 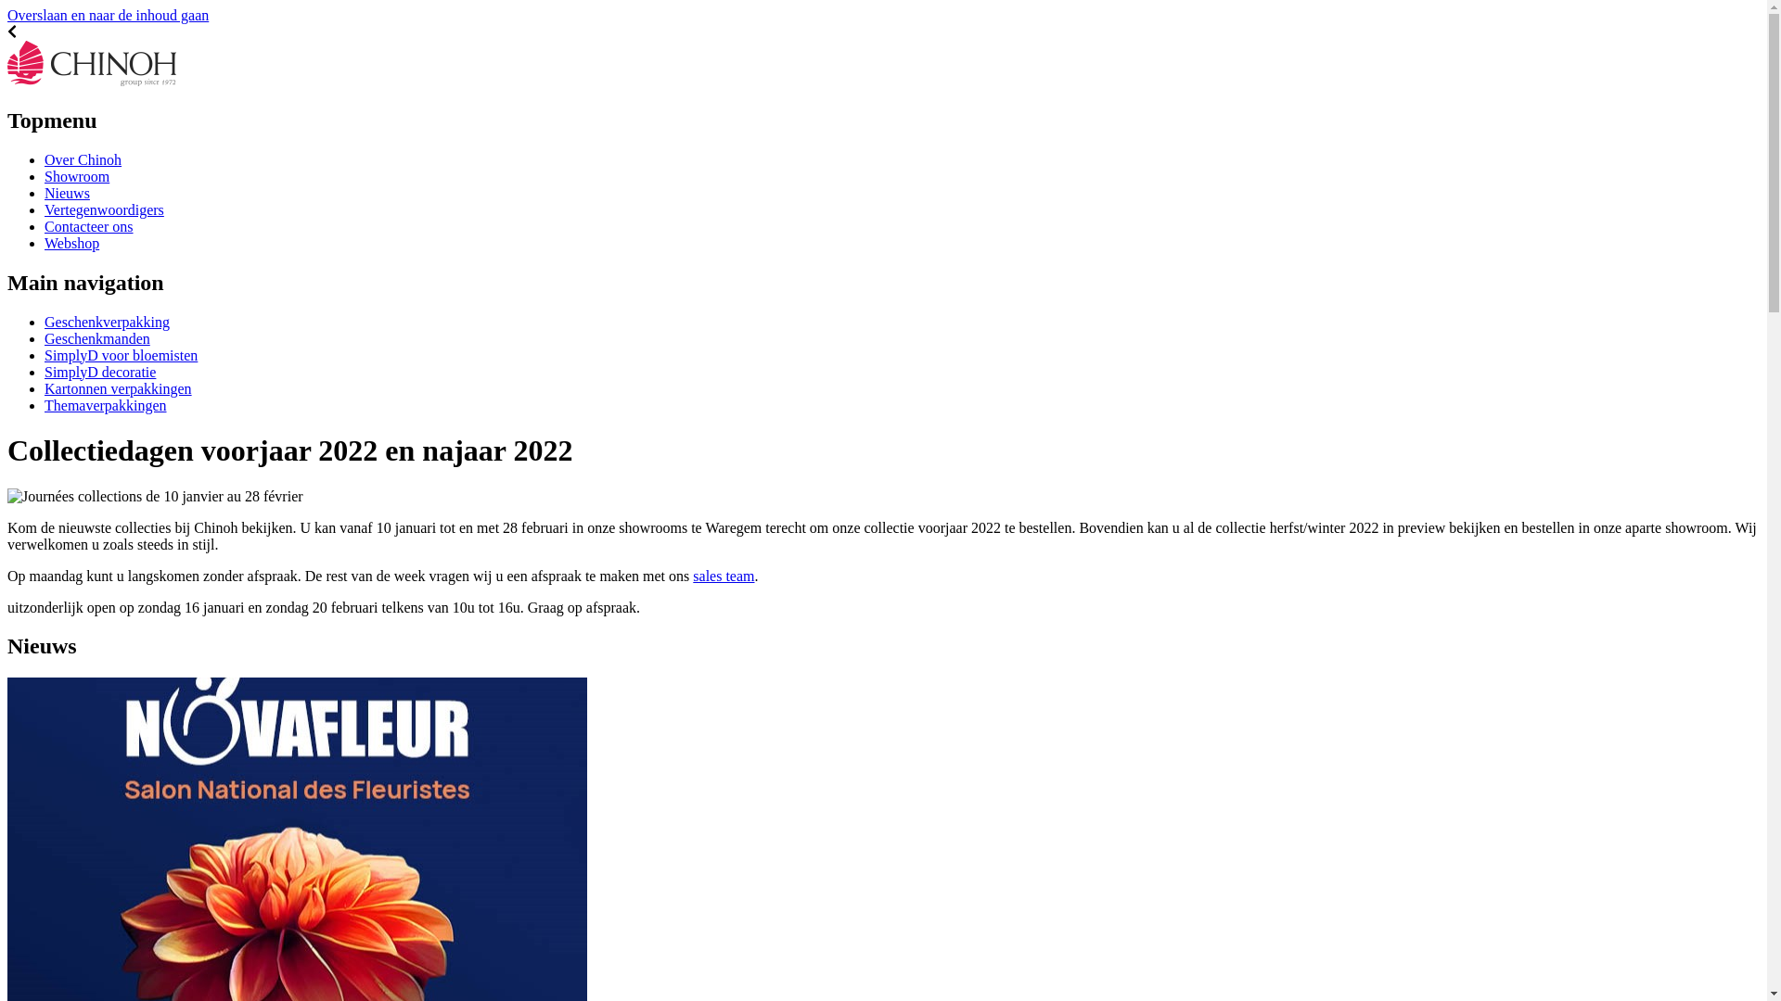 I want to click on 'Showroom', so click(x=75, y=176).